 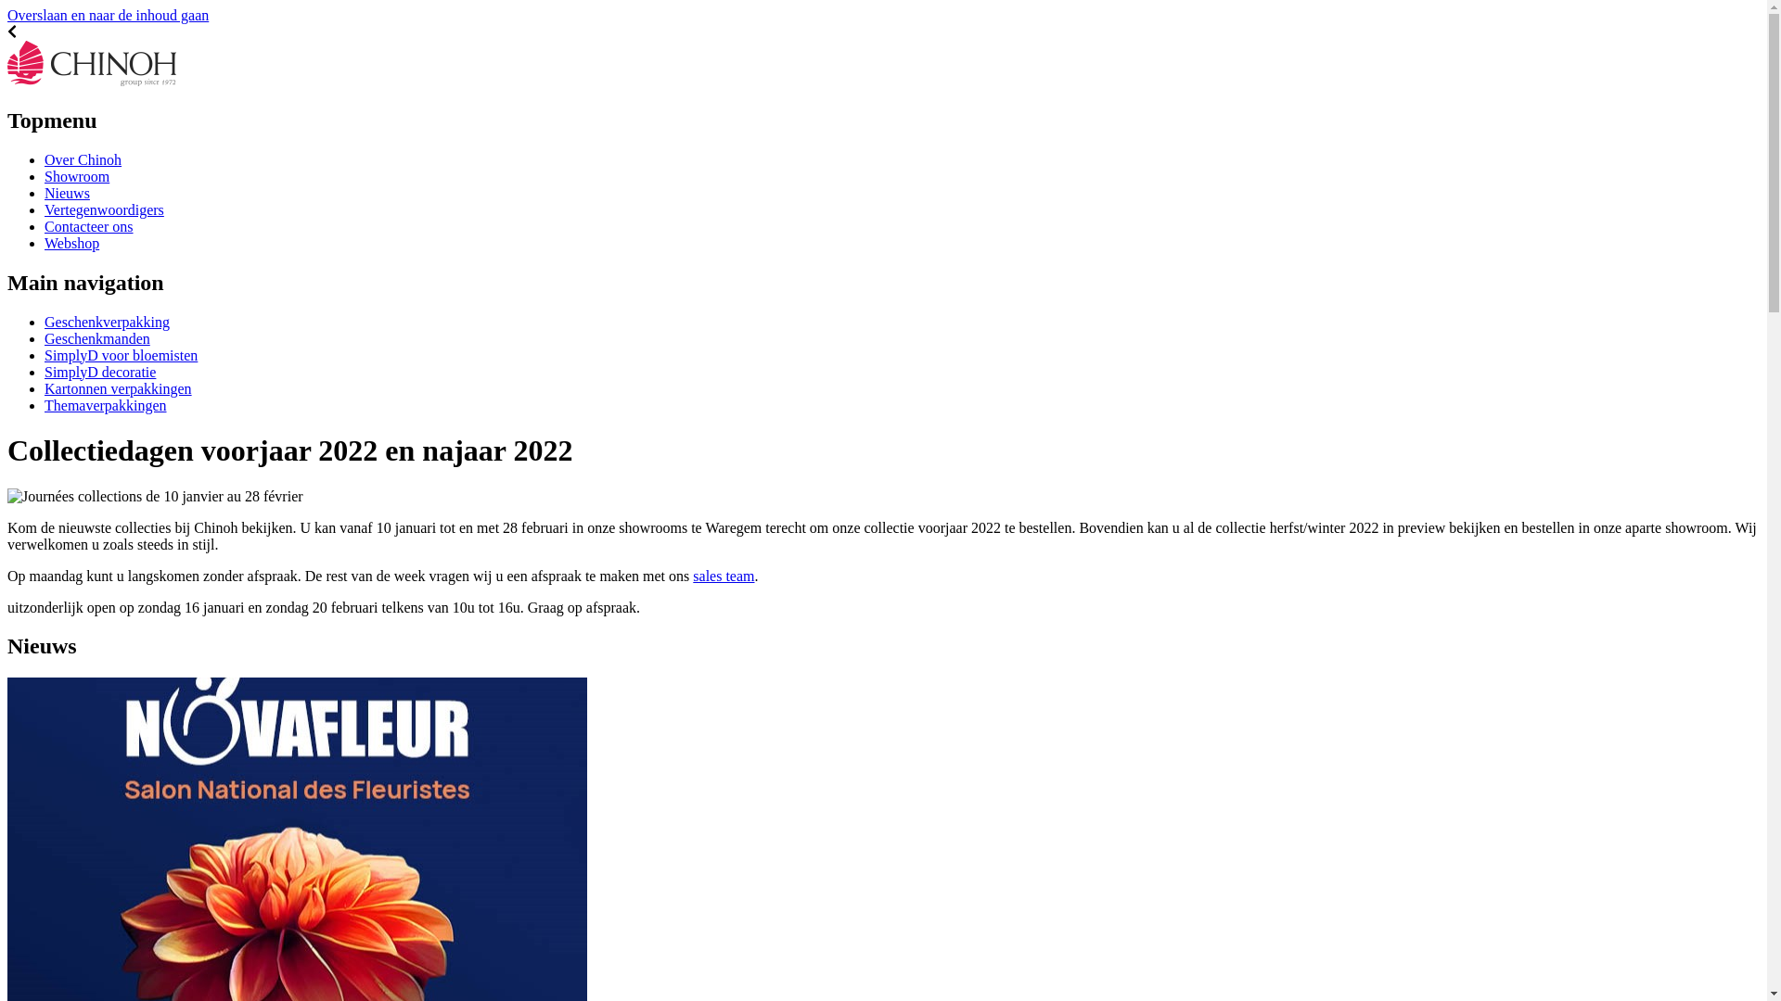 I want to click on 'Showroom', so click(x=75, y=176).